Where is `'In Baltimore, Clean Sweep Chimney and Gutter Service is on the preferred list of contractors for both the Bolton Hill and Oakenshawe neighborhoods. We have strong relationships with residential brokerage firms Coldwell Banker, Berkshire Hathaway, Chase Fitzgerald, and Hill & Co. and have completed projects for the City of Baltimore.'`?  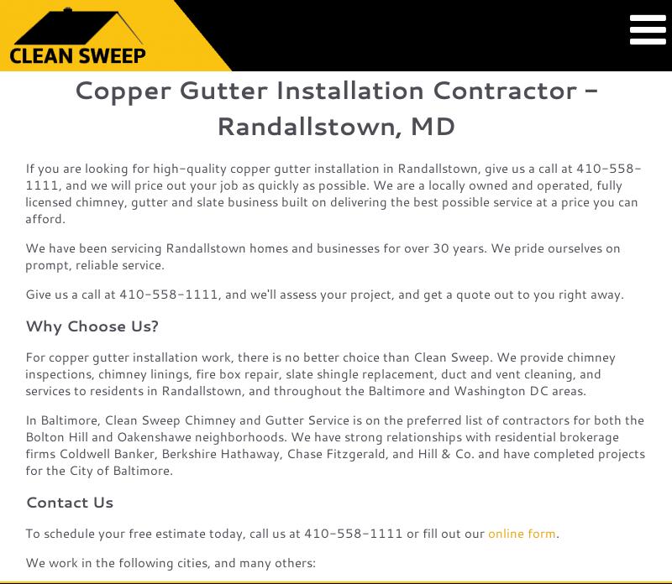
'In Baltimore, Clean Sweep Chimney and Gutter Service is on the preferred list of contractors for both the Bolton Hill and Oakenshawe neighborhoods. We have strong relationships with residential brokerage firms Coldwell Banker, Berkshire Hathaway, Chase Fitzgerald, and Hill & Co. and have completed projects for the City of Baltimore.' is located at coordinates (333, 445).